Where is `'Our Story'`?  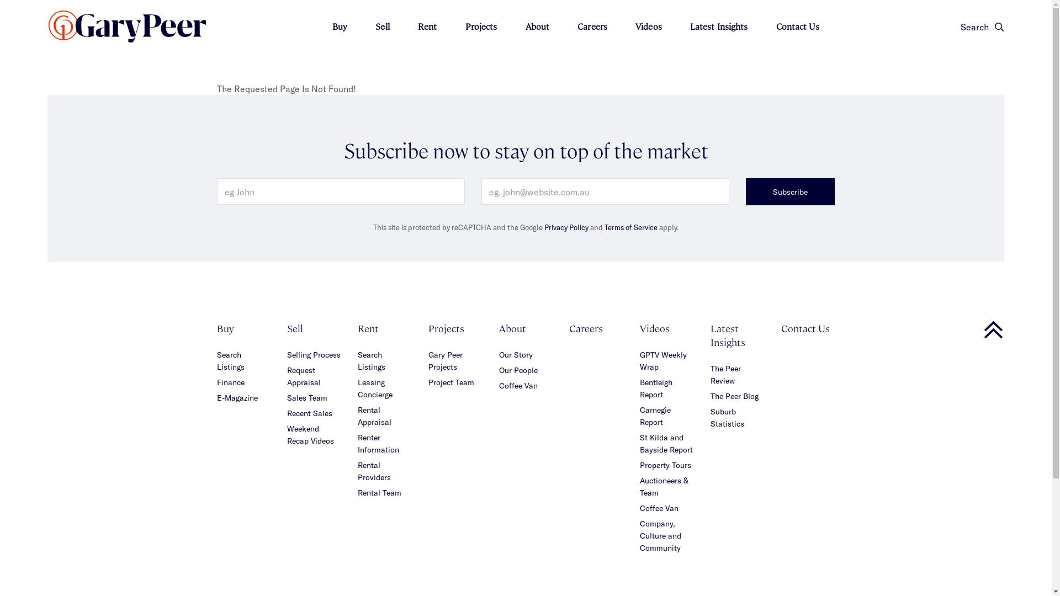
'Our Story' is located at coordinates (515, 354).